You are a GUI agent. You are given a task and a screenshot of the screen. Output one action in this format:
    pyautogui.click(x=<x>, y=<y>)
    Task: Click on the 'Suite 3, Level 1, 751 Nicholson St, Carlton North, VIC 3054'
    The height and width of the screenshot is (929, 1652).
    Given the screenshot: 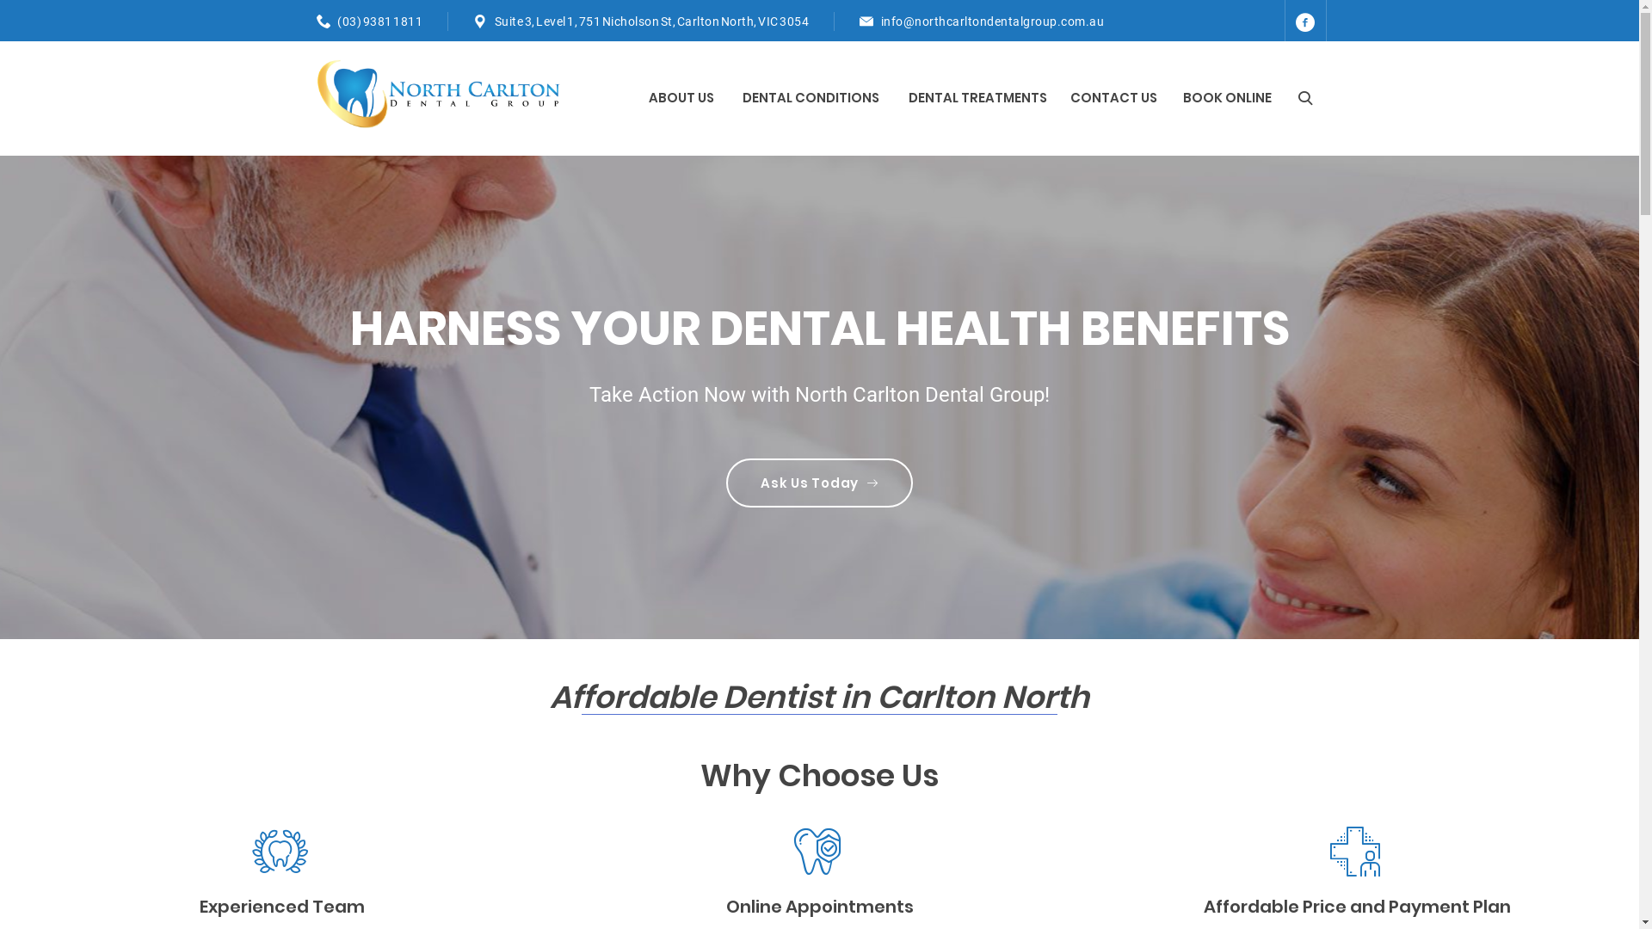 What is the action you would take?
    pyautogui.click(x=650, y=21)
    